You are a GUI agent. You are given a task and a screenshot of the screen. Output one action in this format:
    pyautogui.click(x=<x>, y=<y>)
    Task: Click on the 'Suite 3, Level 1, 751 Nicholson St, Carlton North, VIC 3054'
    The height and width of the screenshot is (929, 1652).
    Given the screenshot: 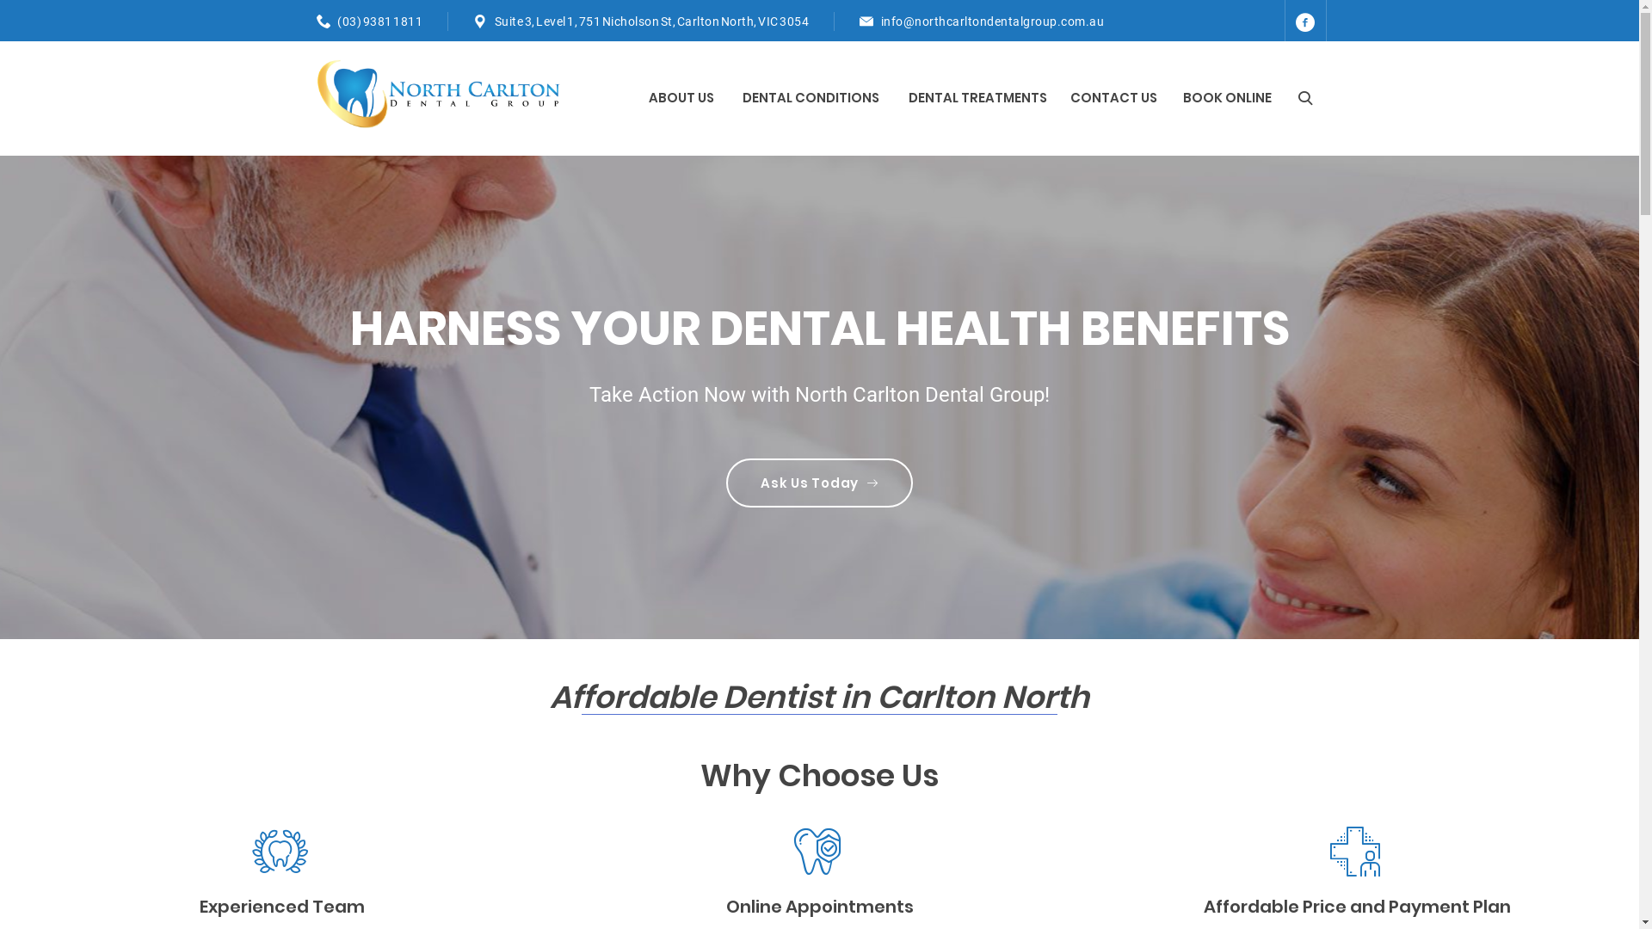 What is the action you would take?
    pyautogui.click(x=650, y=21)
    